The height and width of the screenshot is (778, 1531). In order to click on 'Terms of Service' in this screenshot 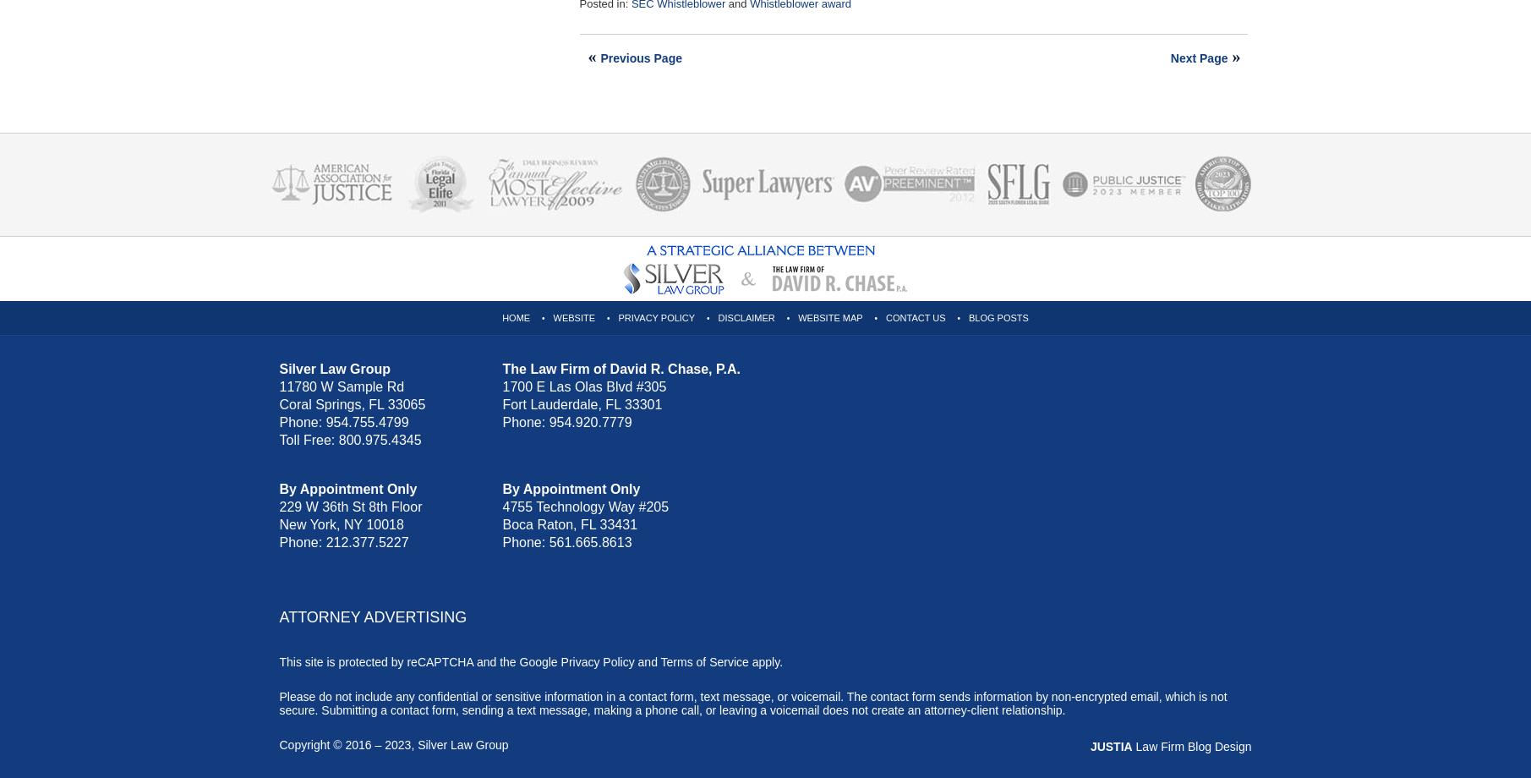, I will do `click(704, 661)`.